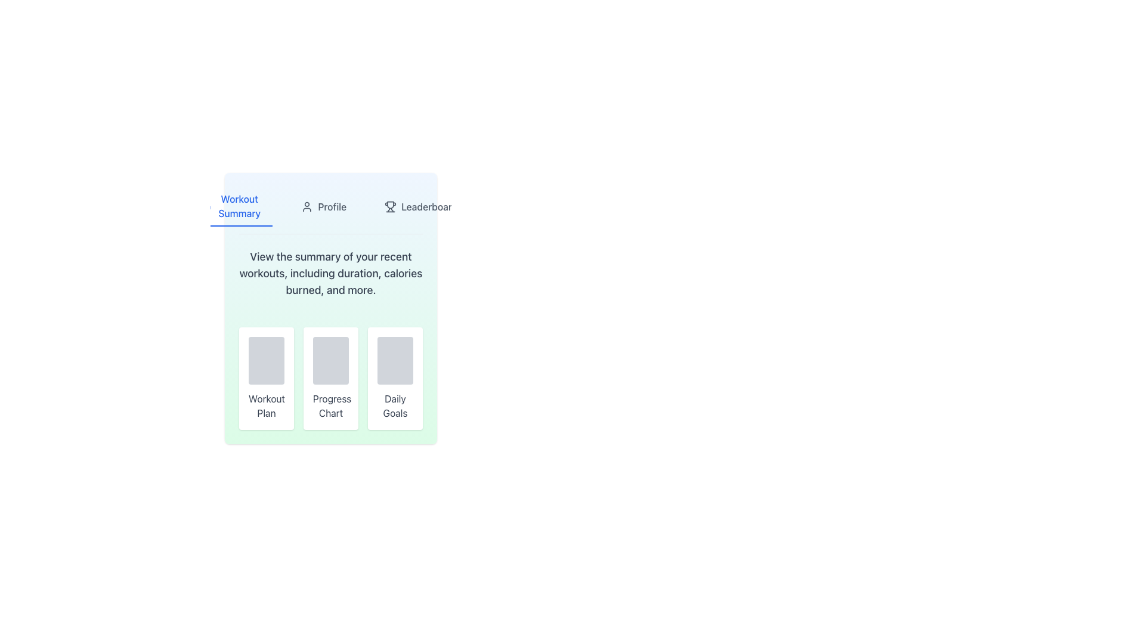 The width and height of the screenshot is (1145, 644). Describe the element at coordinates (395, 360) in the screenshot. I see `the Decorative block with a gray background located at the top of the 'Daily Goals' card` at that location.